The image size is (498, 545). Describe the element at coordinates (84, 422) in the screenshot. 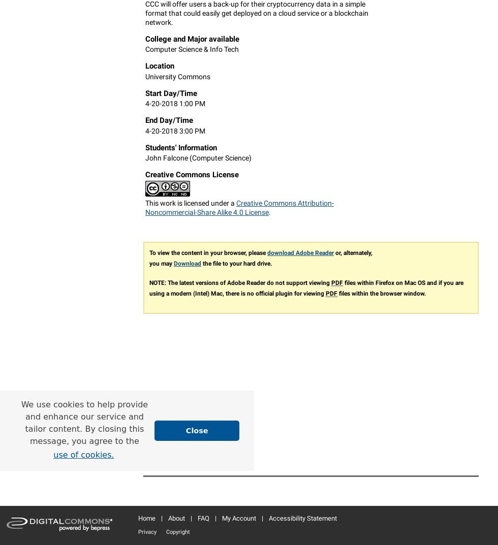

I see `'We use cookies to help provide and enhance our service and tailor content. By closing this message, you agree to the'` at that location.